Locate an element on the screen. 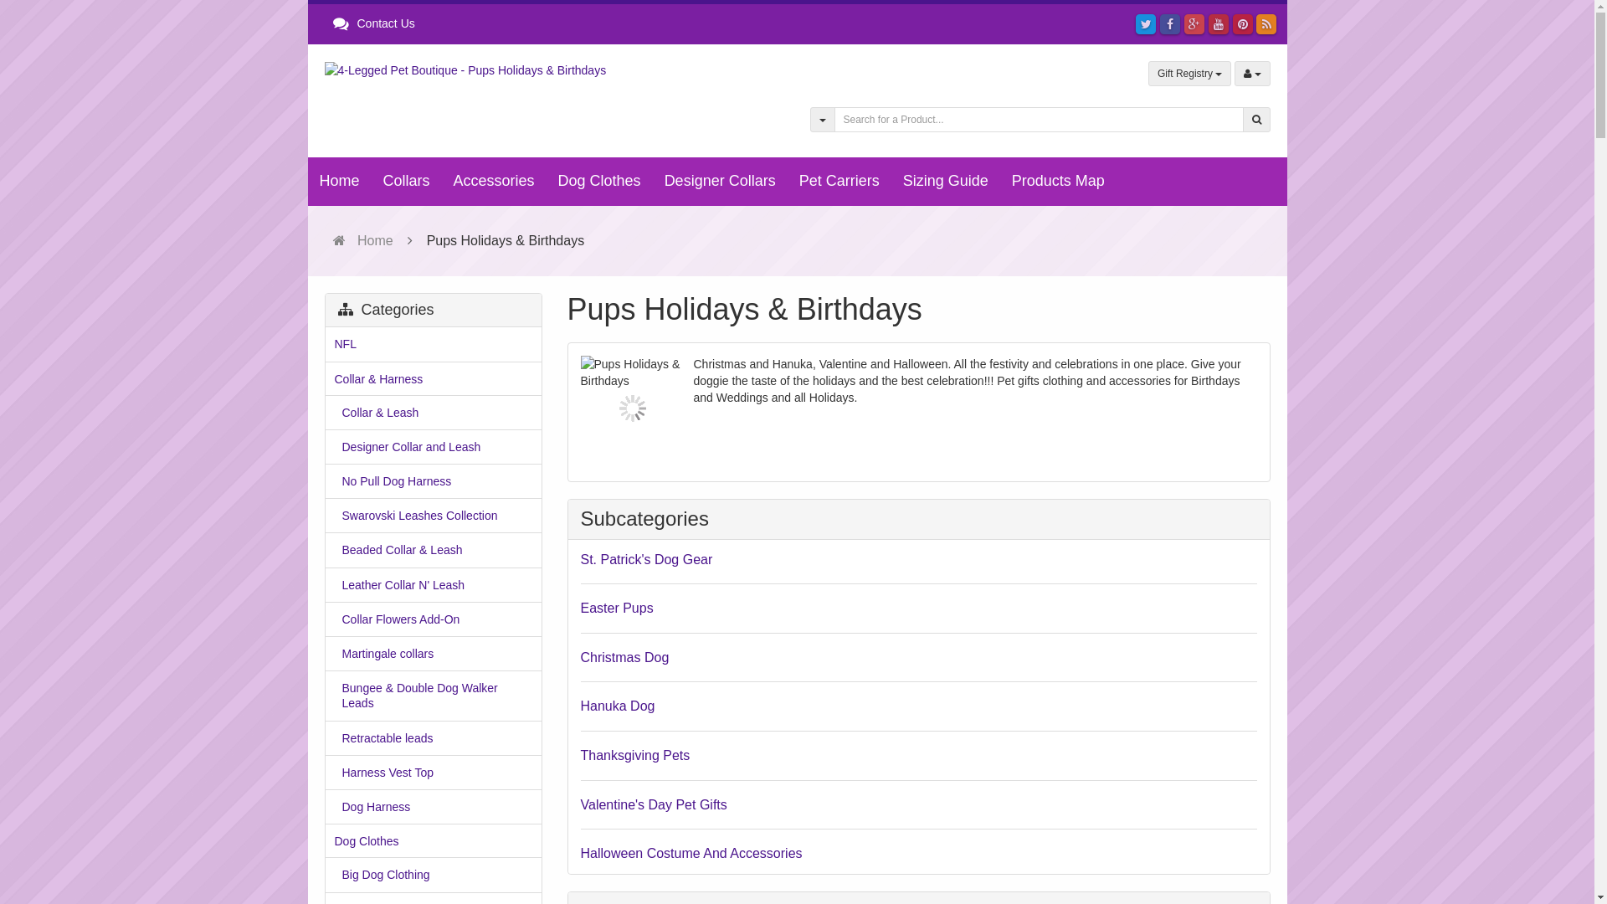 Image resolution: width=1607 pixels, height=904 pixels. 'NFL' is located at coordinates (433, 342).